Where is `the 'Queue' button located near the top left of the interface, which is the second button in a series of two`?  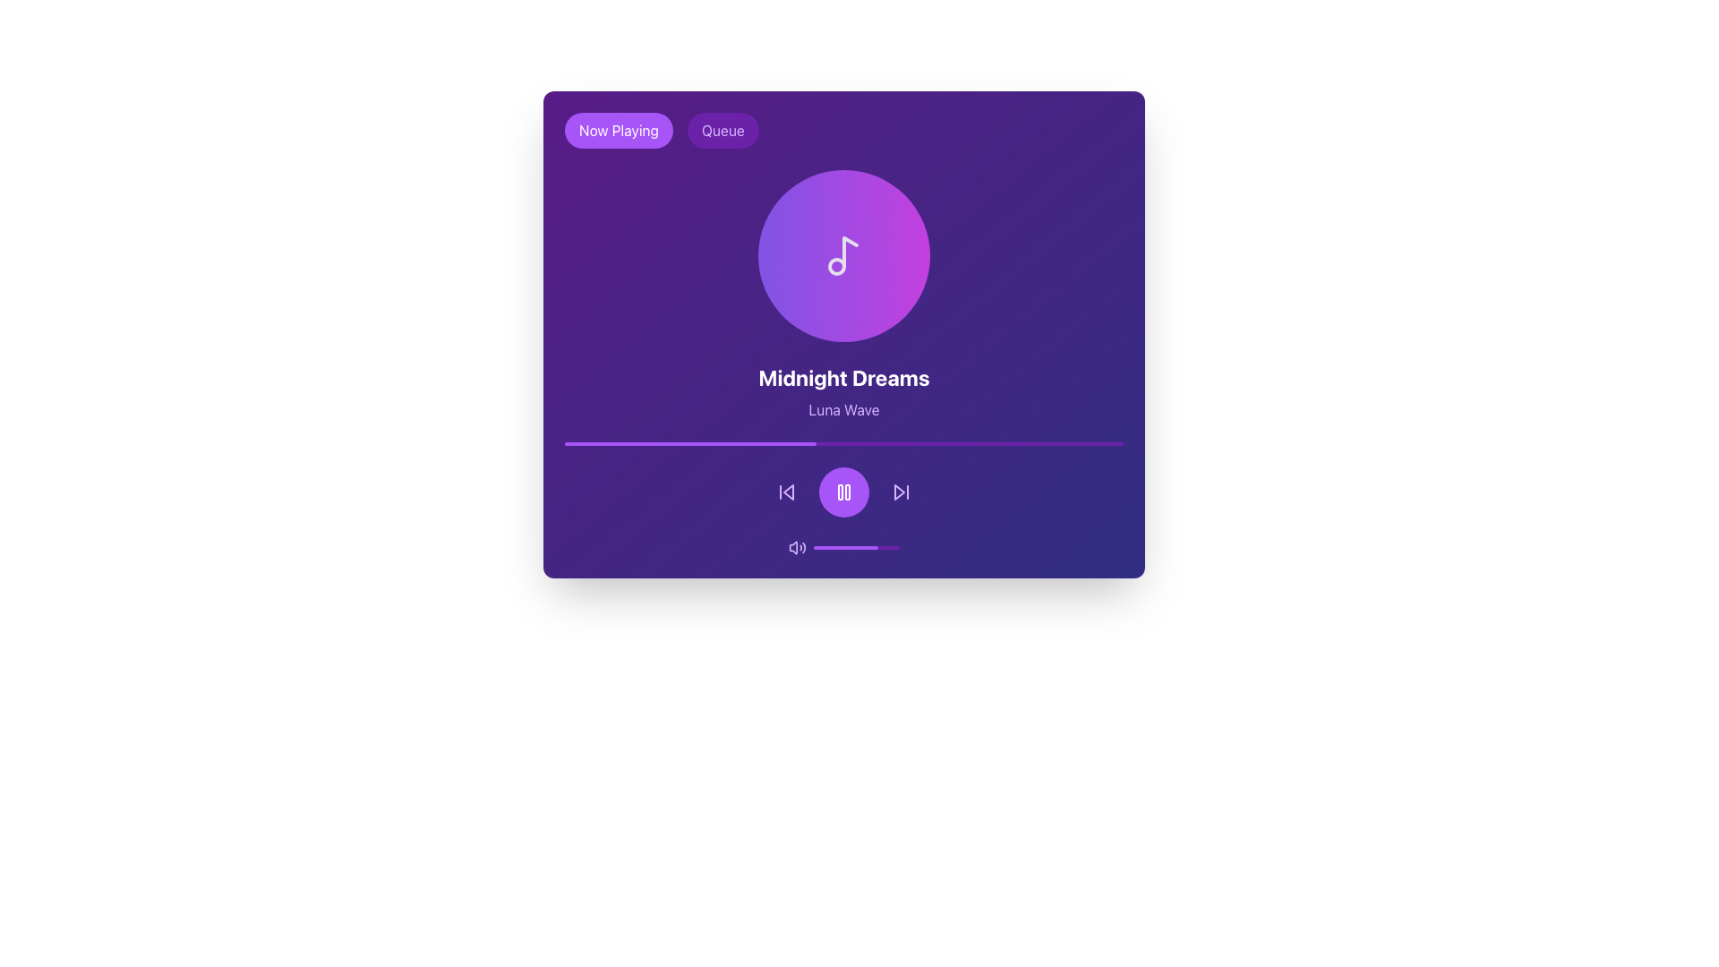 the 'Queue' button located near the top left of the interface, which is the second button in a series of two is located at coordinates (723, 130).